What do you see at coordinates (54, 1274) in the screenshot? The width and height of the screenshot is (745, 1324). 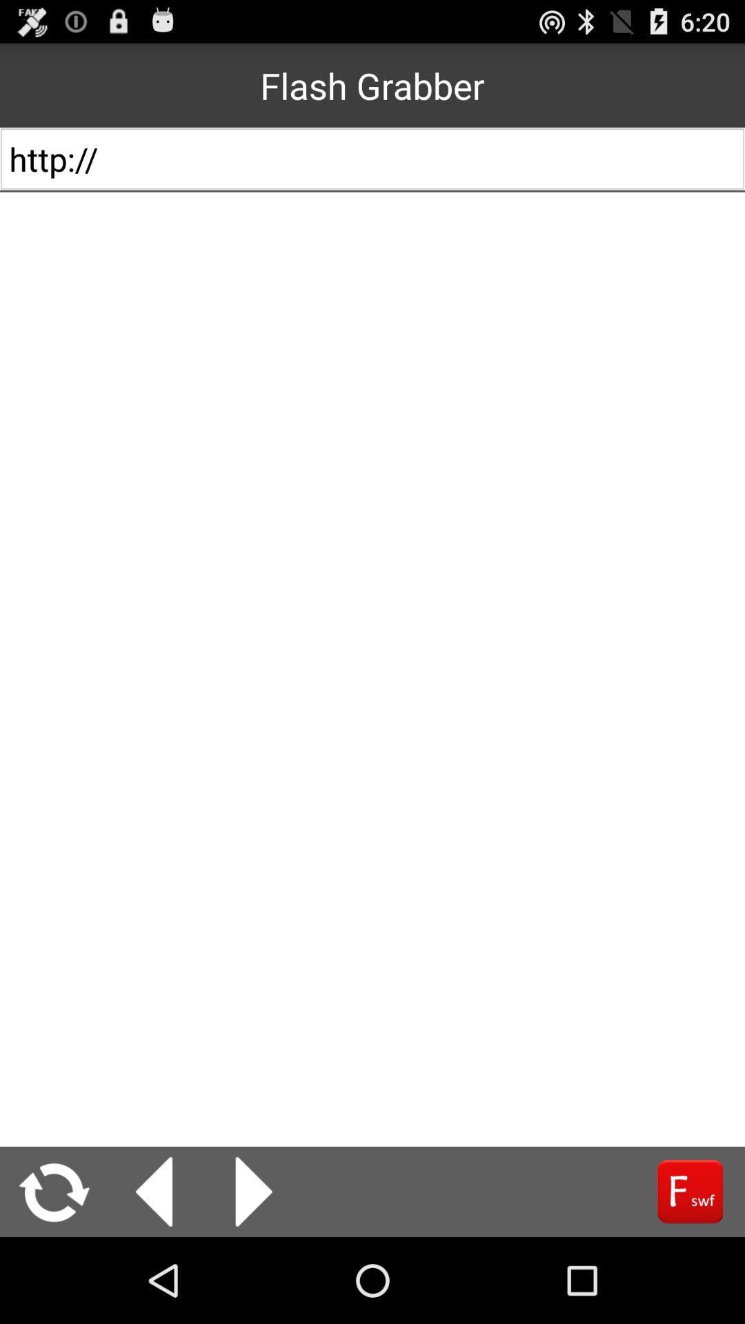 I see `the refresh icon` at bounding box center [54, 1274].